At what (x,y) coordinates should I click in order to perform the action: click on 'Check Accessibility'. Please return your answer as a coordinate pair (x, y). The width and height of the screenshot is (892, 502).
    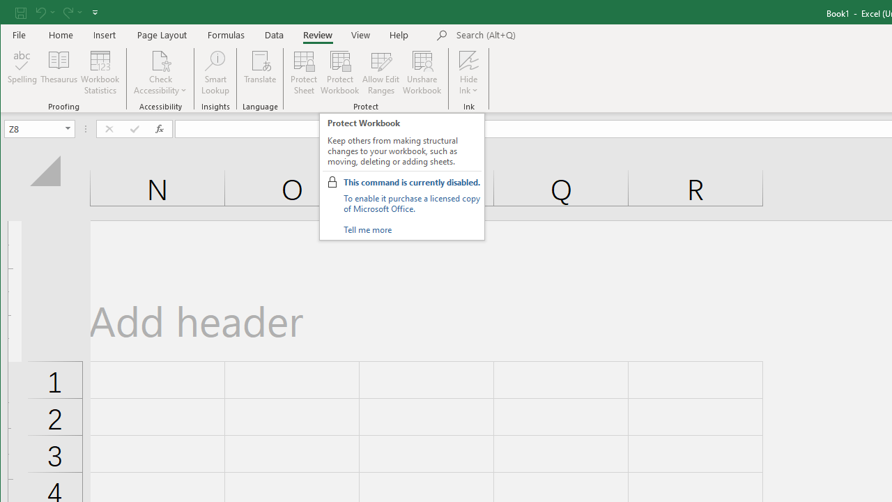
    Looking at the image, I should click on (160, 73).